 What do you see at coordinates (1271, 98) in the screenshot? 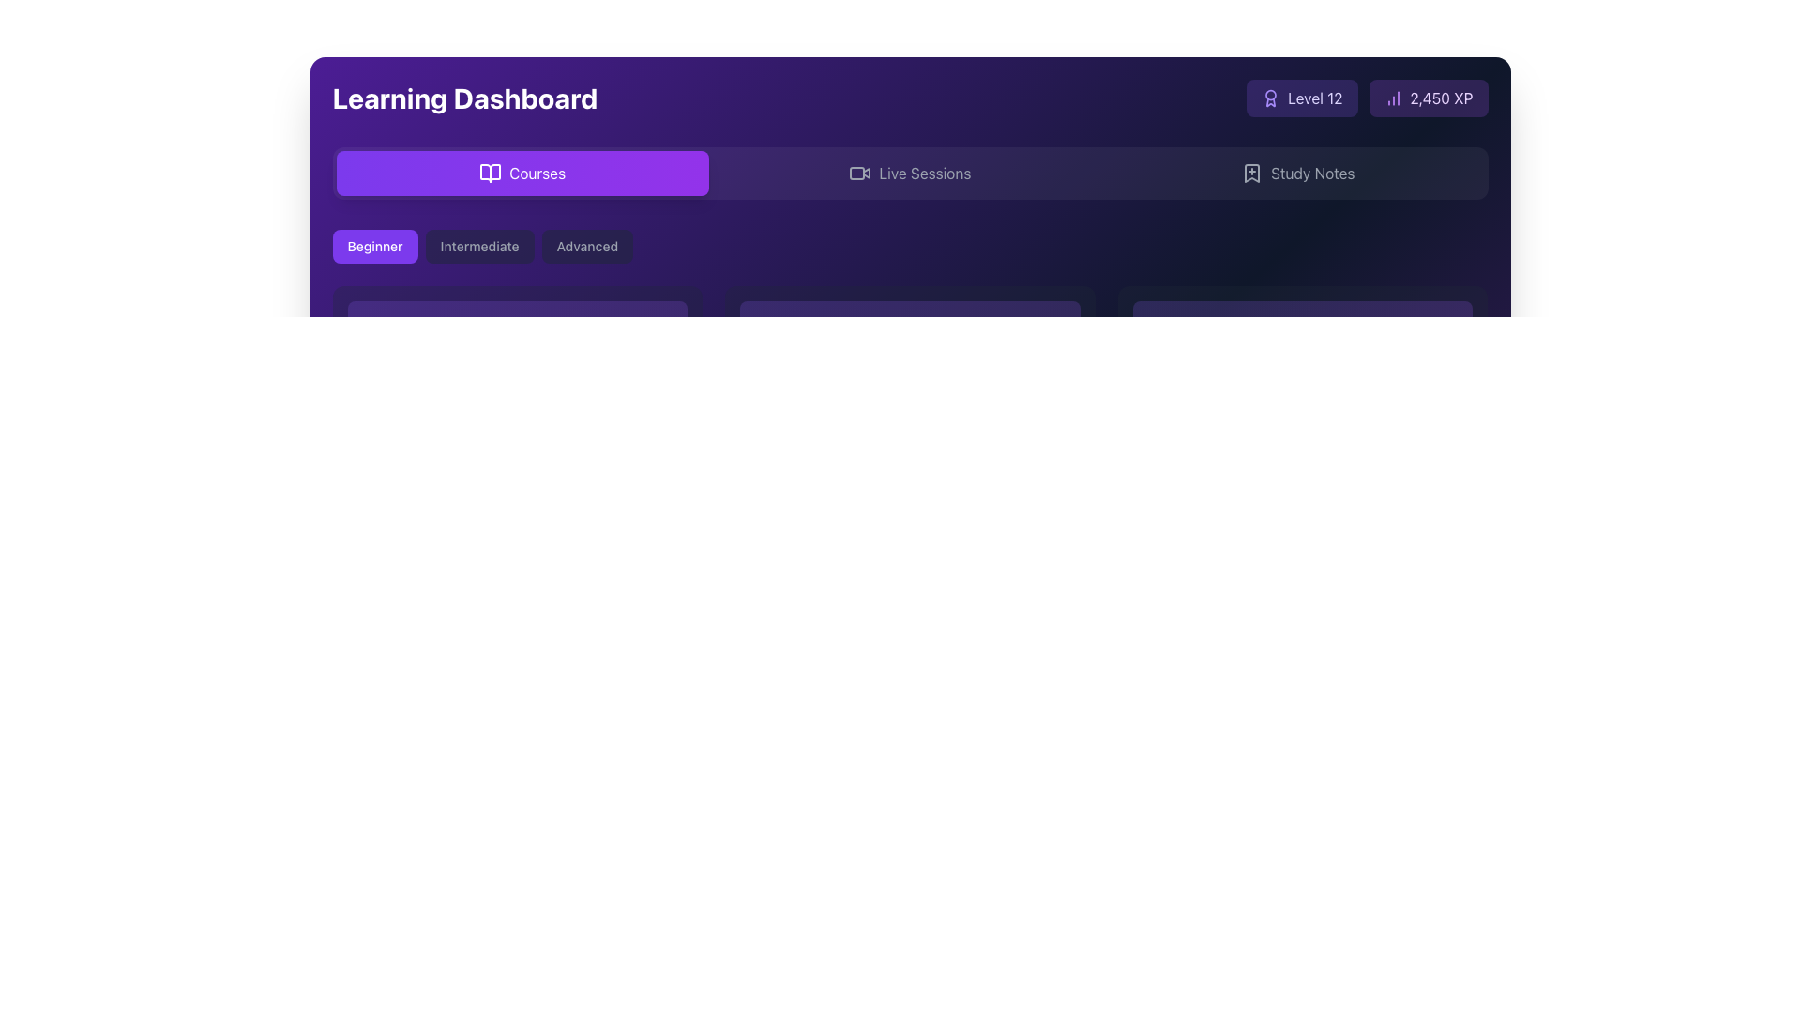
I see `the violet award badge icon located at the far right of the top navigation bar, adjacent to the text 'Level 12'` at bounding box center [1271, 98].